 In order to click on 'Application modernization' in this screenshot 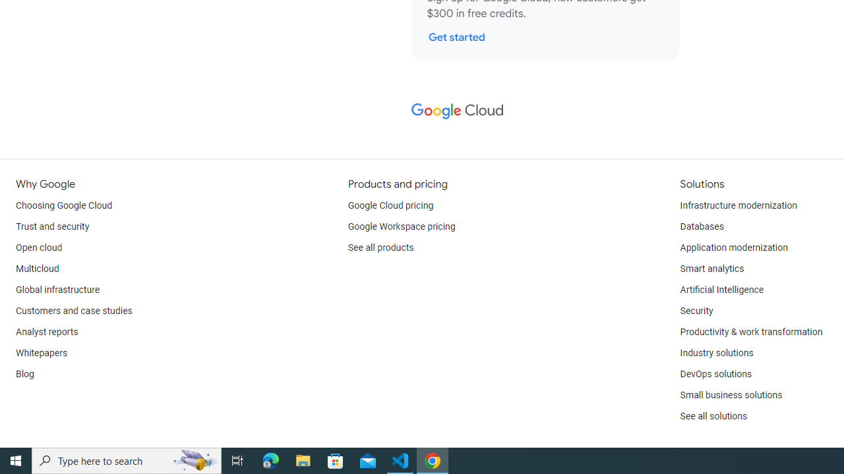, I will do `click(733, 248)`.